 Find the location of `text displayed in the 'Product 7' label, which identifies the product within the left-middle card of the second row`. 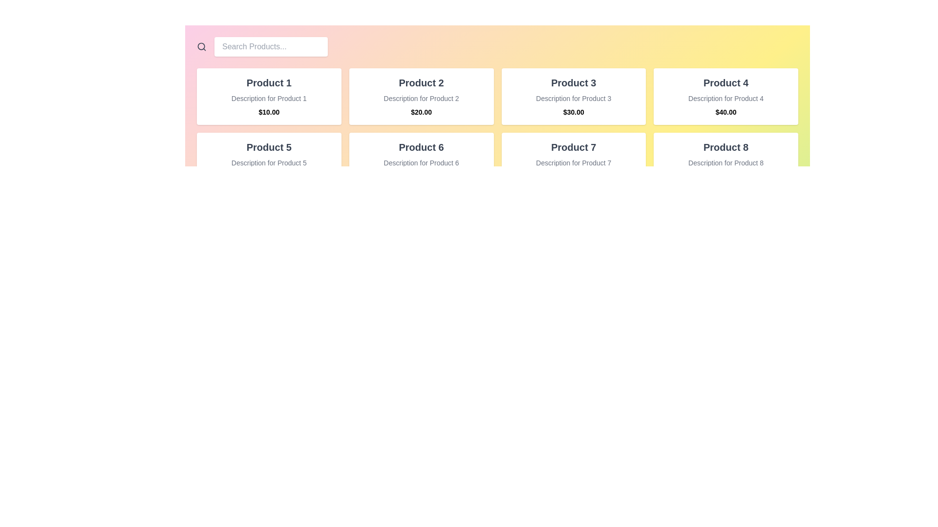

text displayed in the 'Product 7' label, which identifies the product within the left-middle card of the second row is located at coordinates (574, 147).